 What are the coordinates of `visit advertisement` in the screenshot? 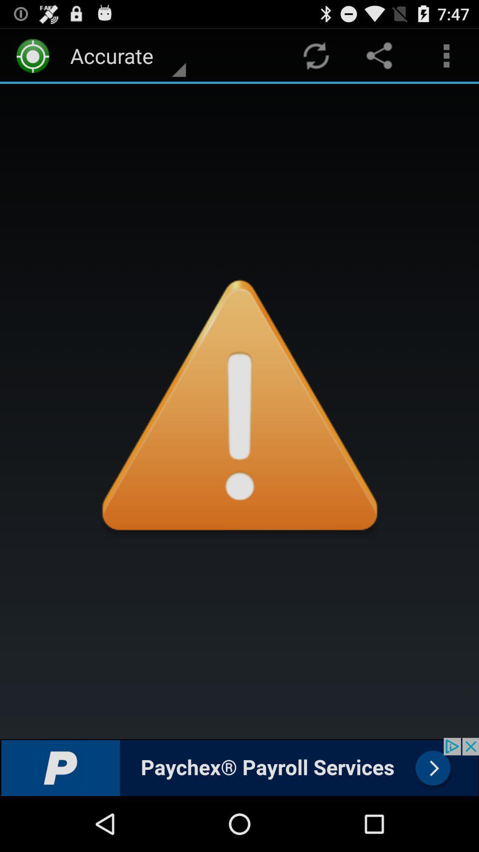 It's located at (239, 766).